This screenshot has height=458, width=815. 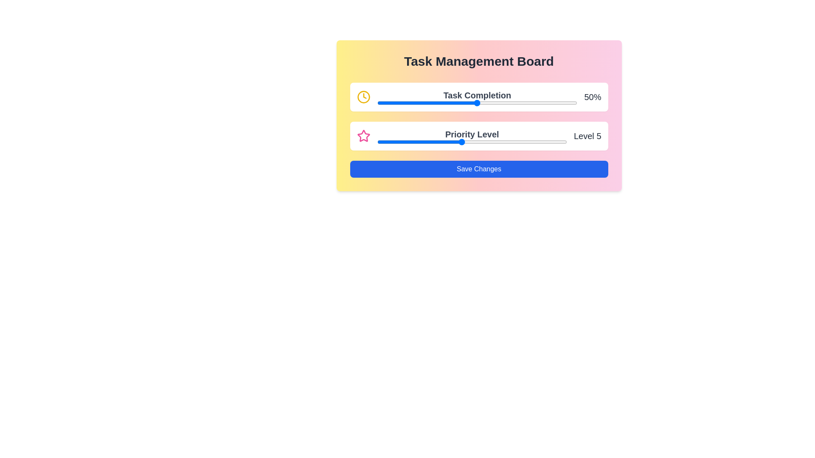 I want to click on the clock icon located on the left side of the 'Task Completion' section, so click(x=363, y=96).